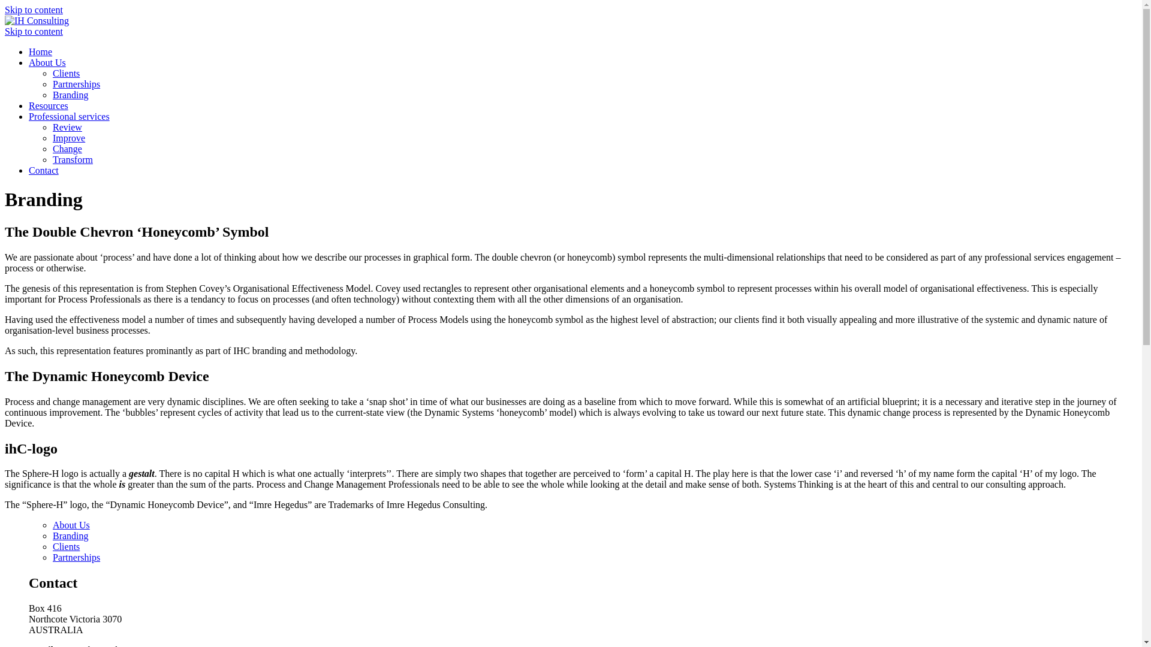  I want to click on 'Transform', so click(72, 159).